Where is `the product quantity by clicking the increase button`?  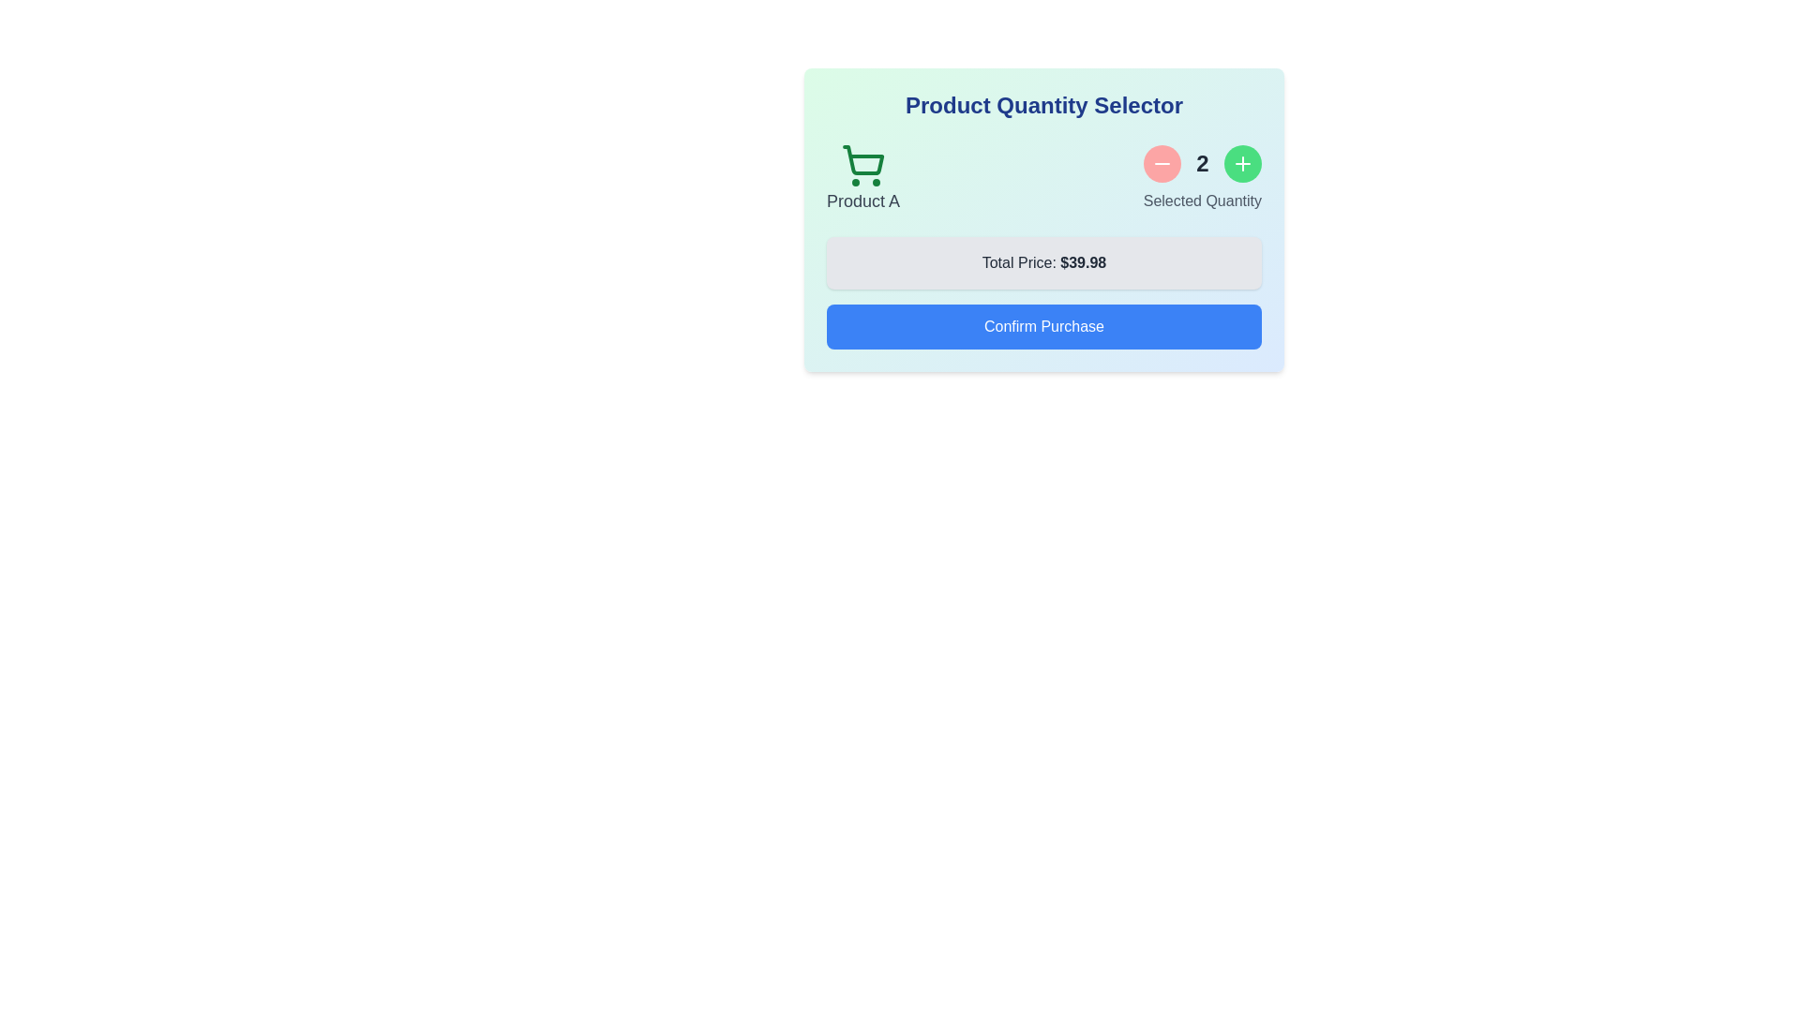
the product quantity by clicking the increase button is located at coordinates (1242, 162).